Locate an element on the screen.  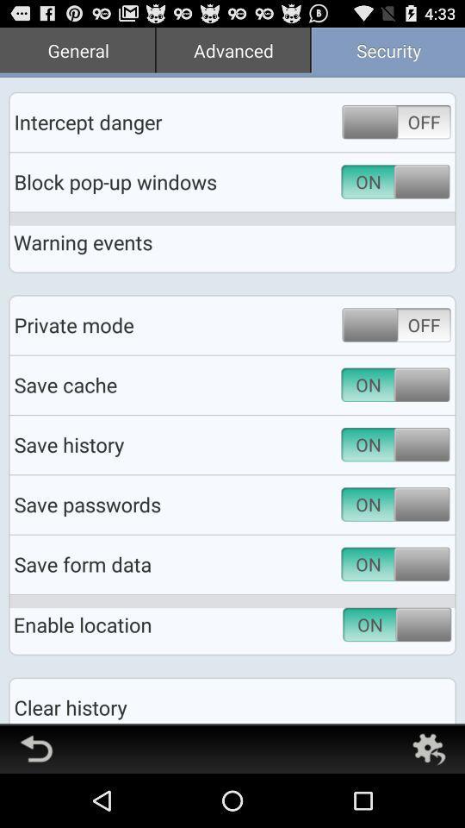
the switch button on the save history is located at coordinates (420, 505).